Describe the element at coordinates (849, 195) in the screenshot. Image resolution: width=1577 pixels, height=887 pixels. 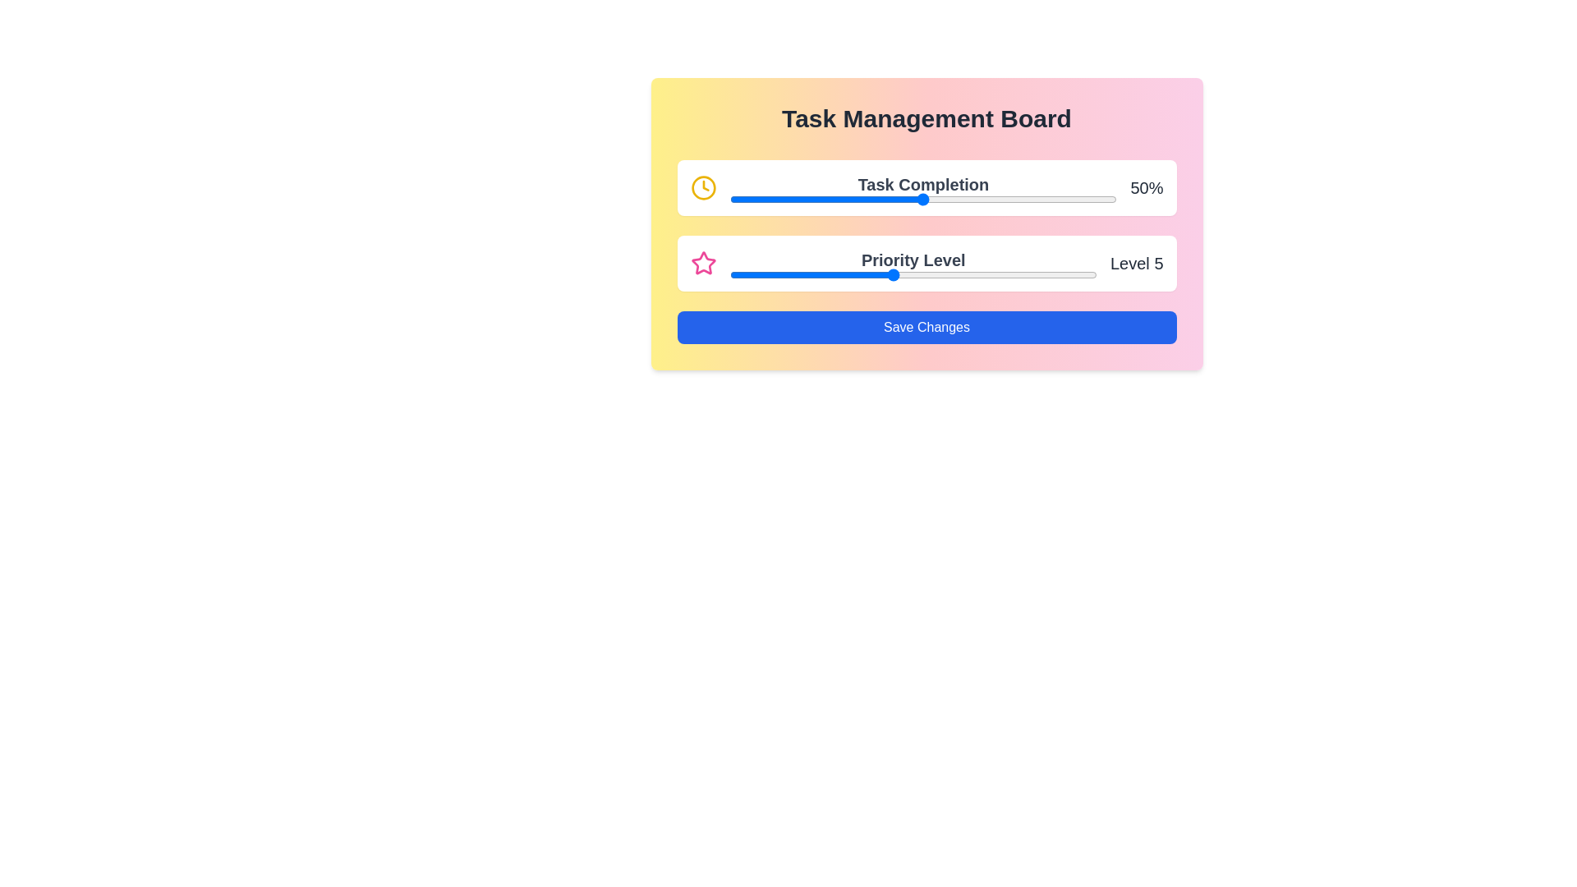
I see `task completion` at that location.